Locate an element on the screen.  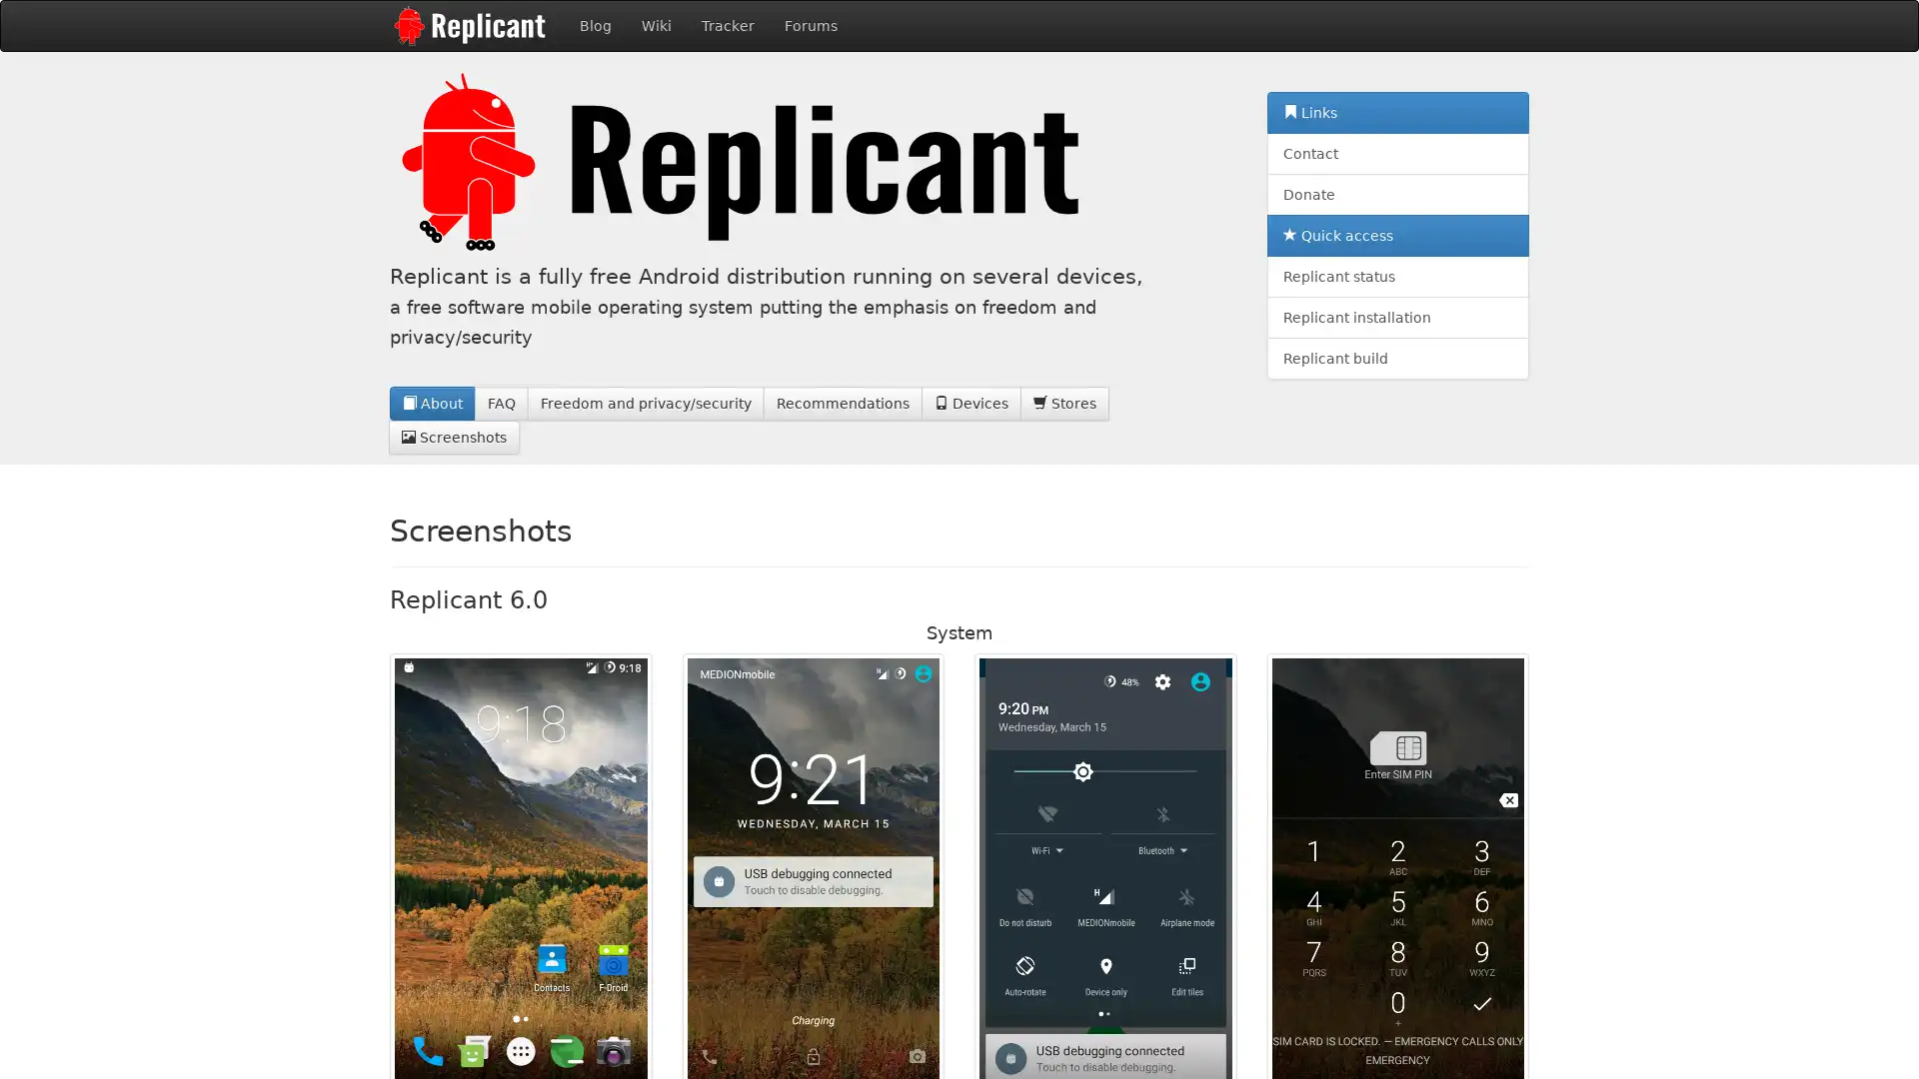
FAQ is located at coordinates (502, 404).